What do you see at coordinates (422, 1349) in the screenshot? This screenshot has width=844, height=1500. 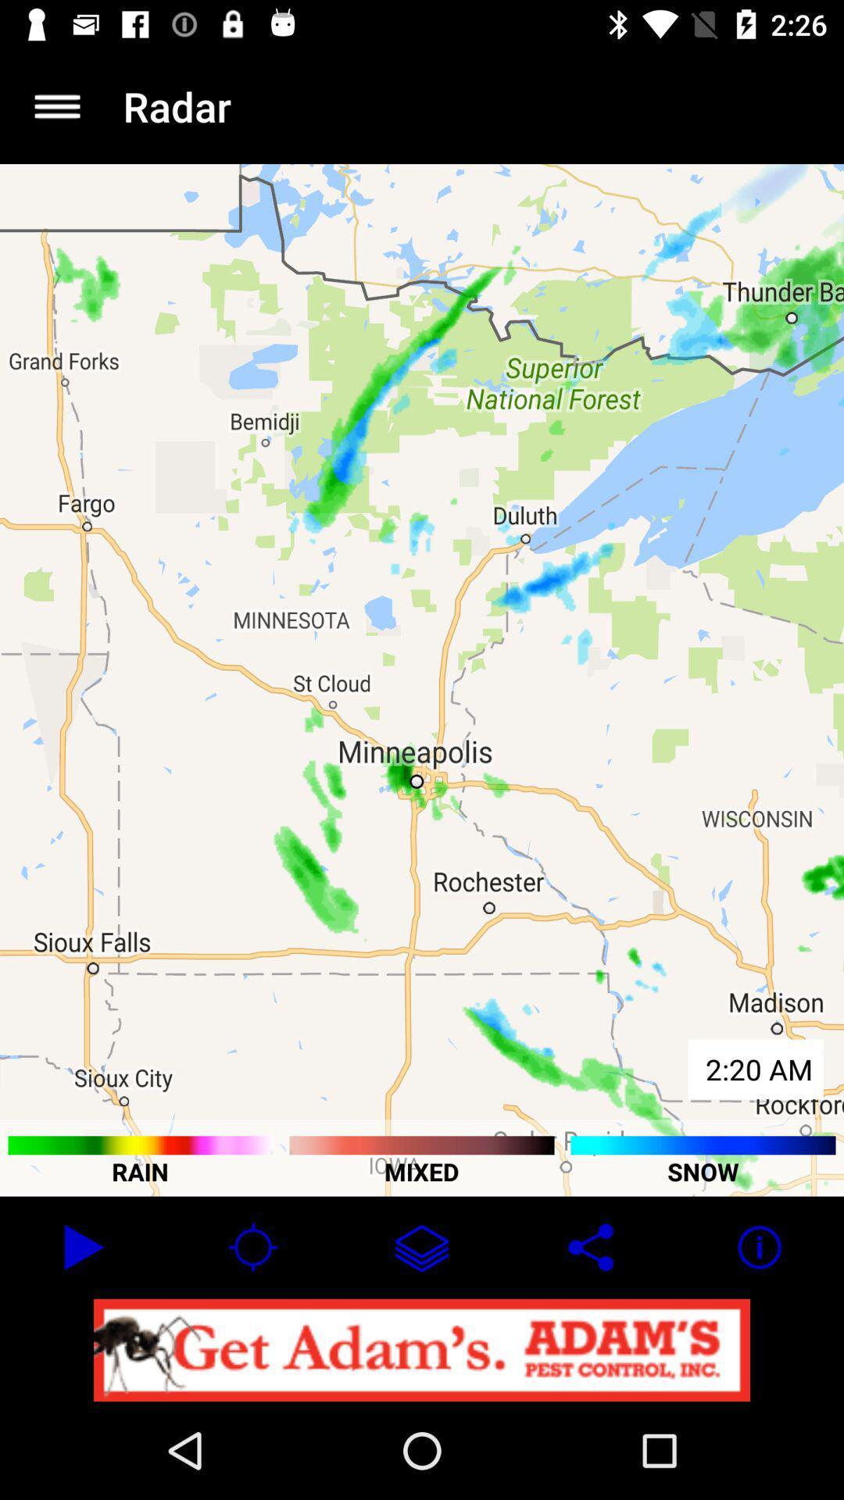 I see `click advertisement` at bounding box center [422, 1349].